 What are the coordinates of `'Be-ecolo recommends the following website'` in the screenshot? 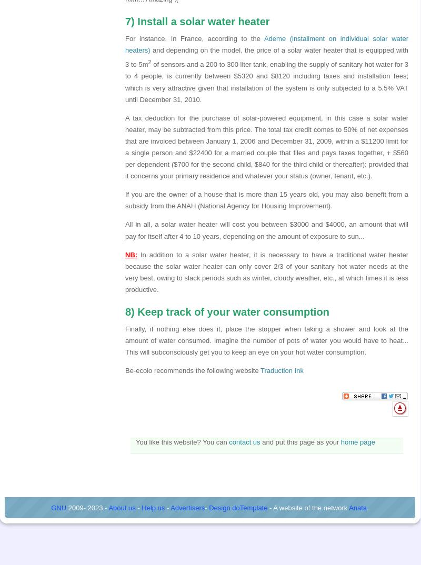 It's located at (193, 370).